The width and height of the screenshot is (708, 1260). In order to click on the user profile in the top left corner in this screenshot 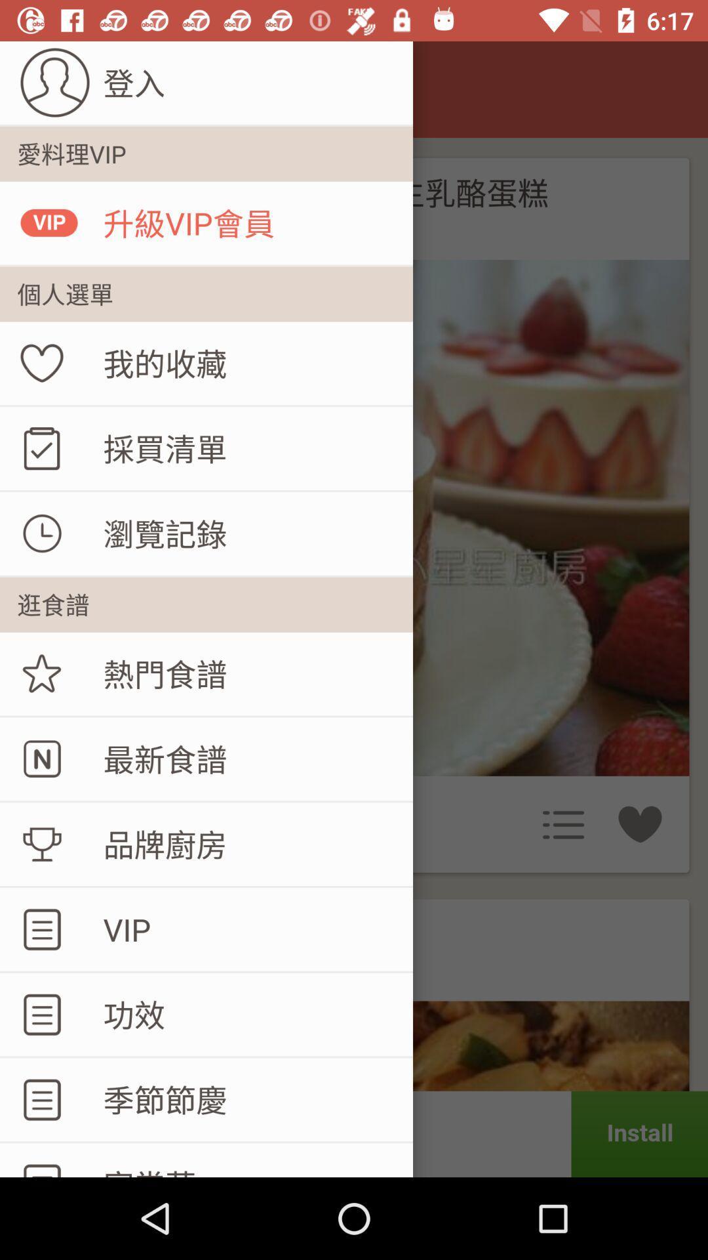, I will do `click(54, 82)`.